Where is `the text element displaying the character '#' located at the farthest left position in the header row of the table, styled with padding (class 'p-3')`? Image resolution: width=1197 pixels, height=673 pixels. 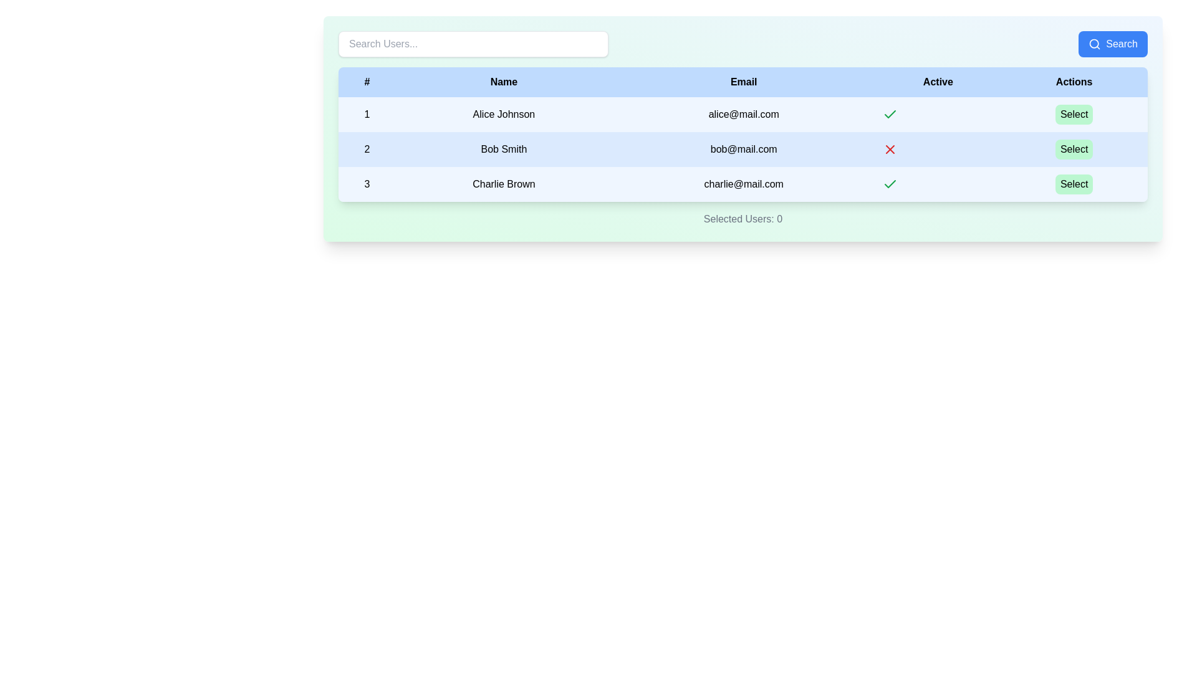 the text element displaying the character '#' located at the farthest left position in the header row of the table, styled with padding (class 'p-3') is located at coordinates (366, 82).